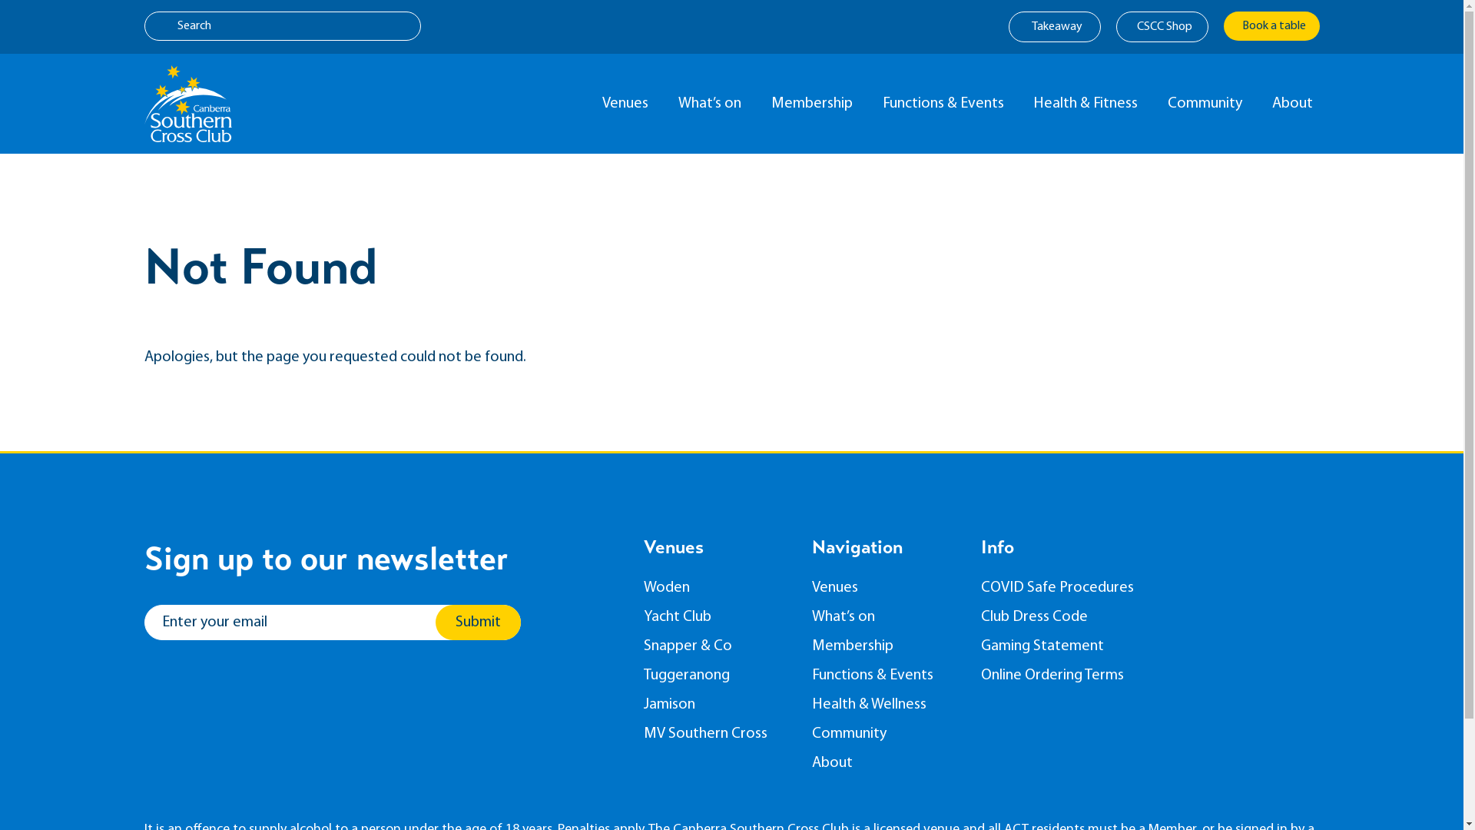 This screenshot has height=830, width=1475. I want to click on 'Venues', so click(885, 587).